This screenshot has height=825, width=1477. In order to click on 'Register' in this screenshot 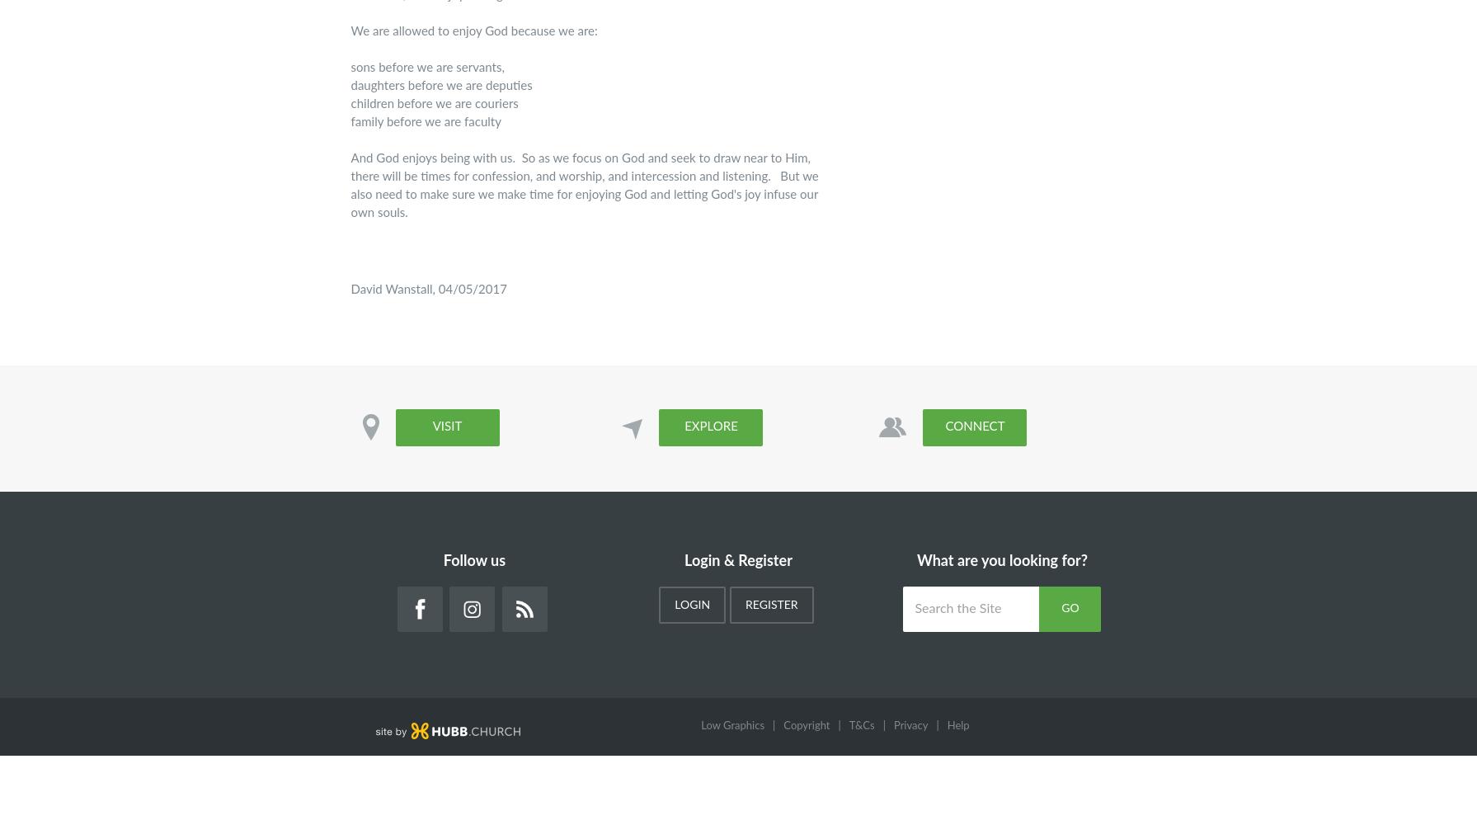, I will do `click(744, 605)`.